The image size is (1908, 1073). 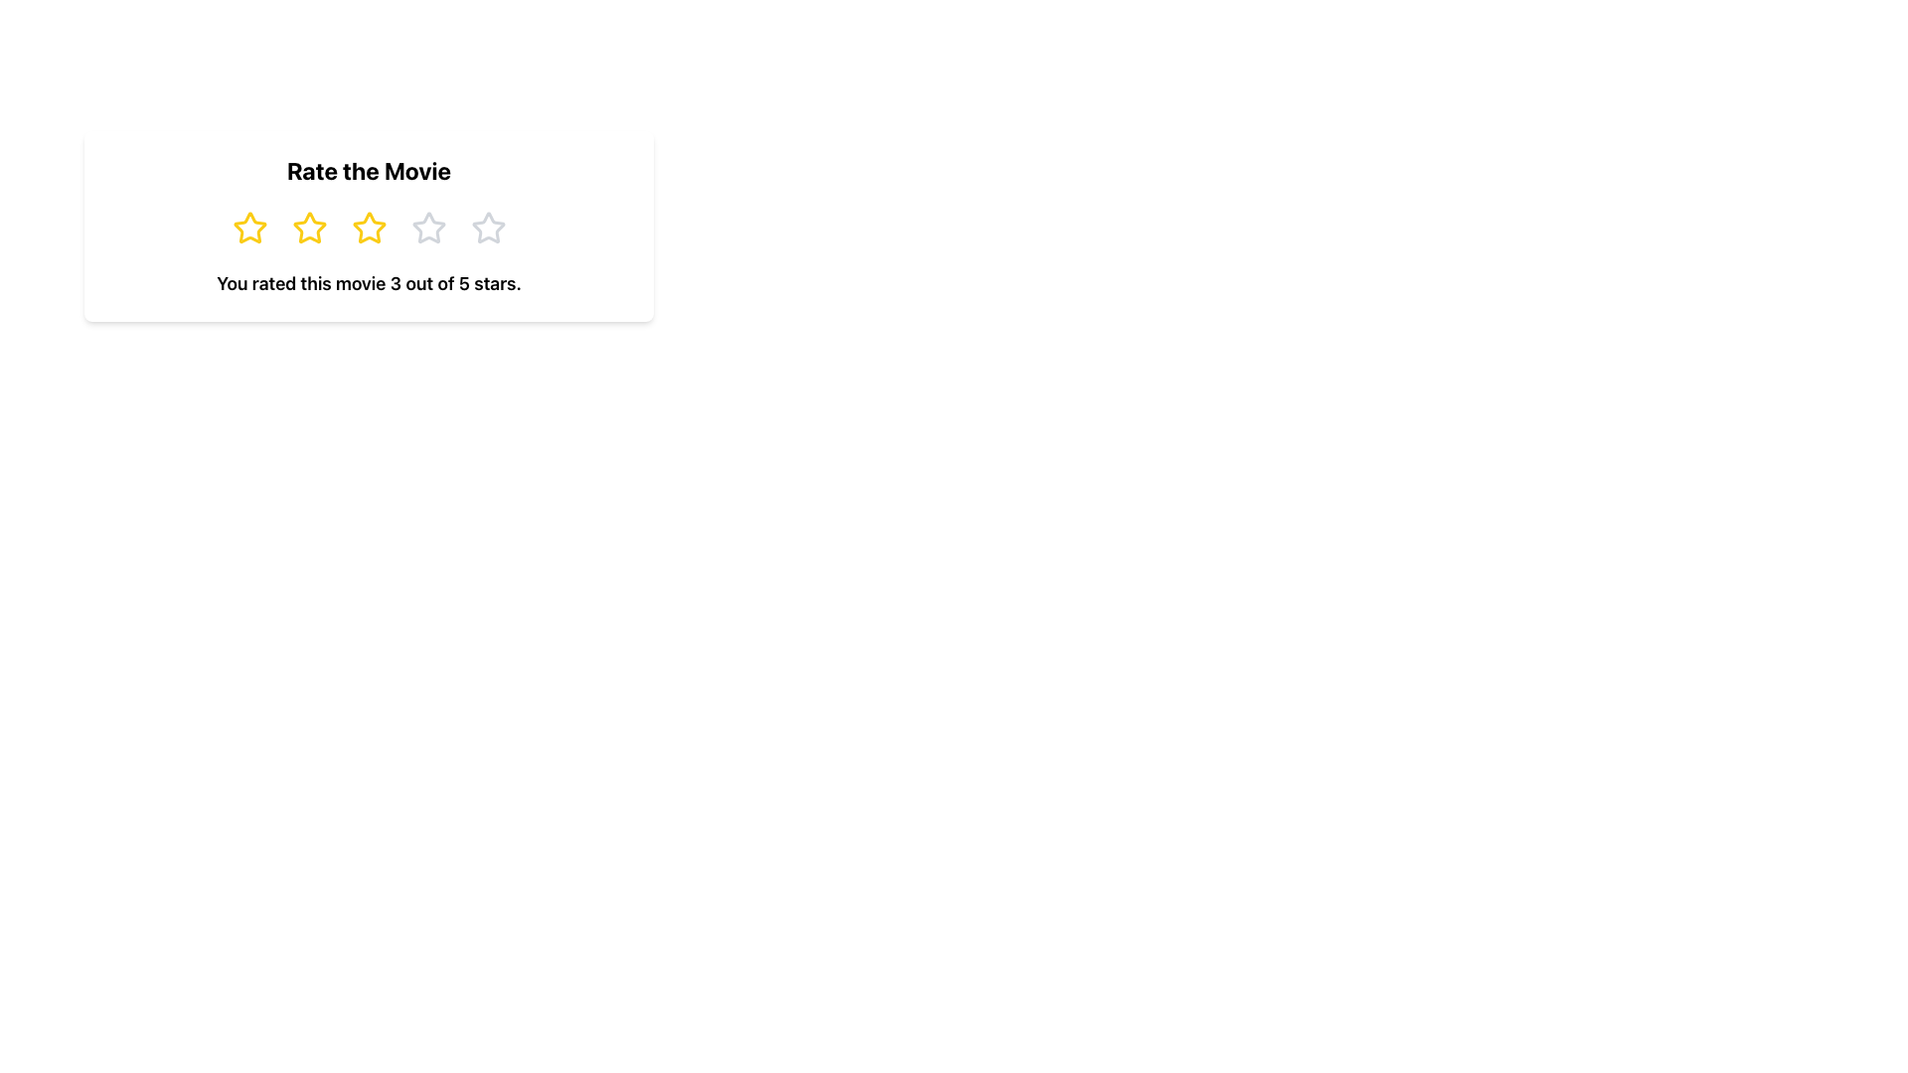 What do you see at coordinates (488, 228) in the screenshot?
I see `the fourth star icon in the horizontal layout to rate it` at bounding box center [488, 228].